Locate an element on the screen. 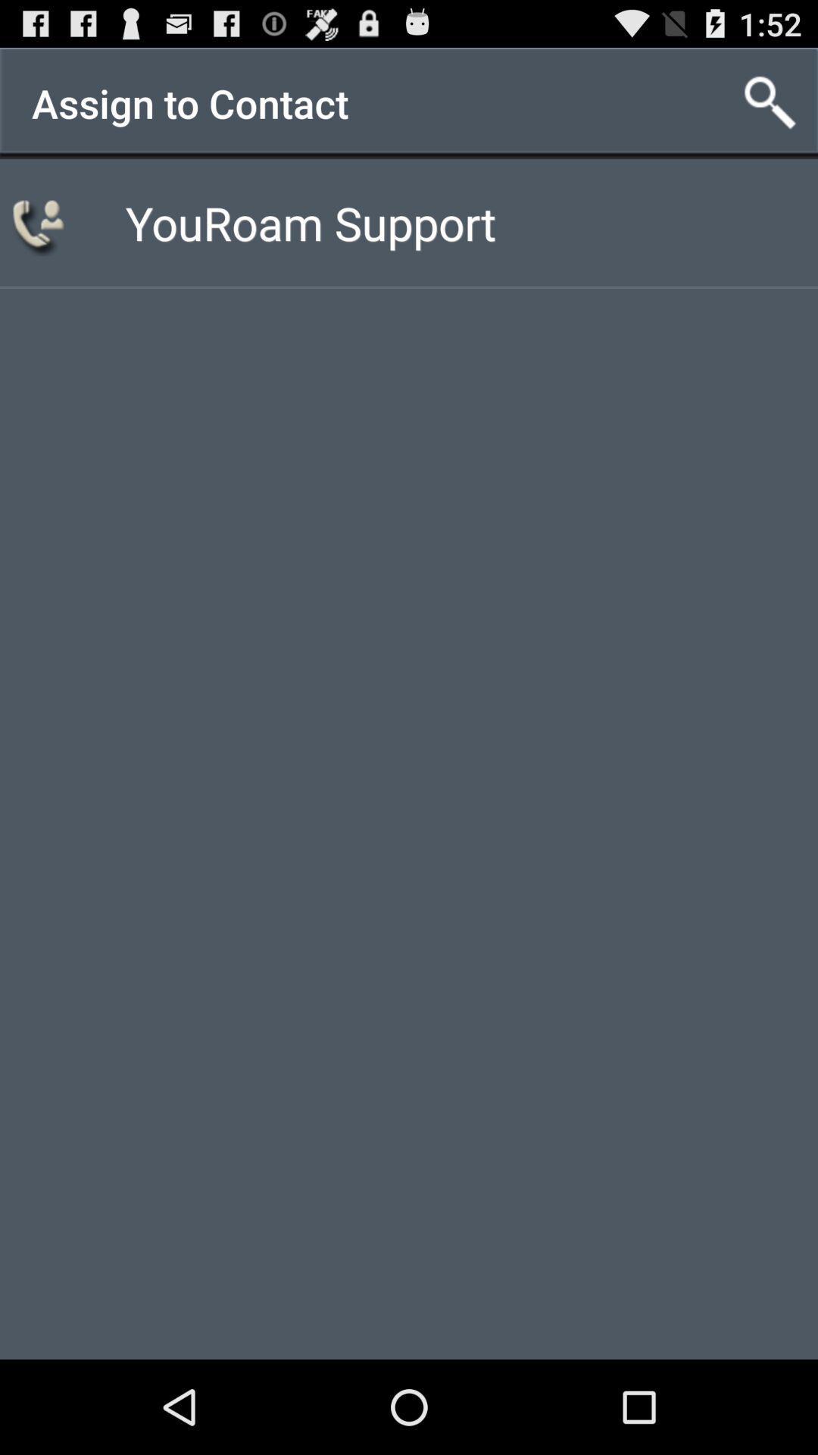  item to the left of youroam support is located at coordinates (40, 221).